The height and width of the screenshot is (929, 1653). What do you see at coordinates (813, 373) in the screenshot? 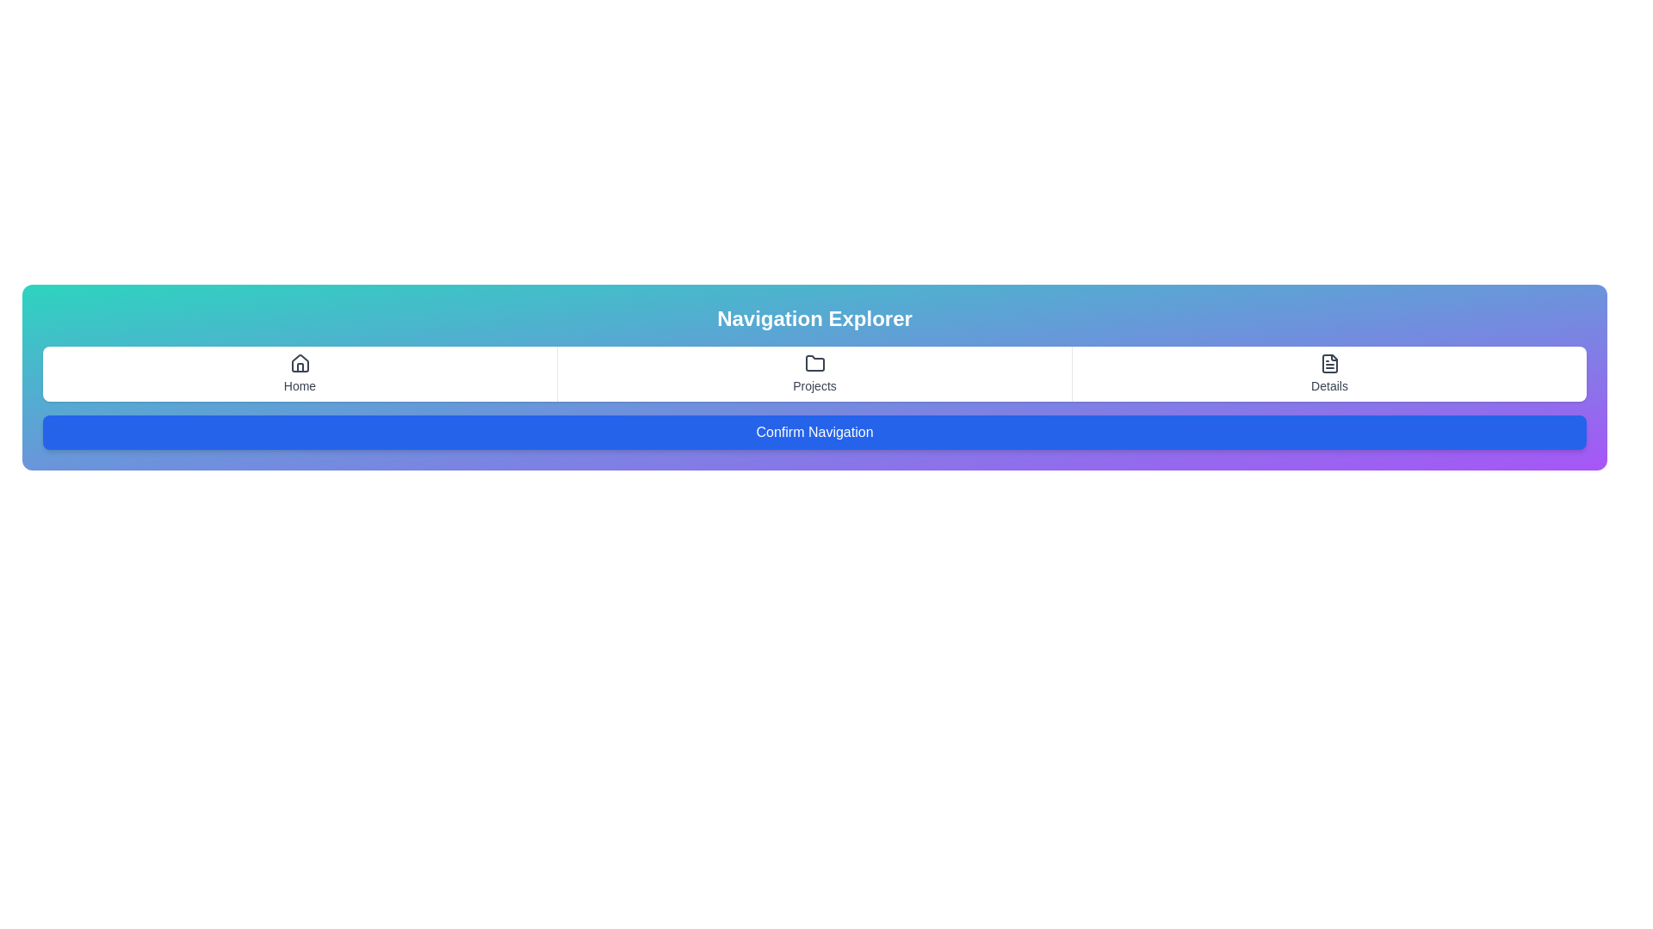
I see `the 'Projects' navigation item, which features a minimalistic folder icon above the text, located in the center section of the navigation bar` at bounding box center [813, 373].